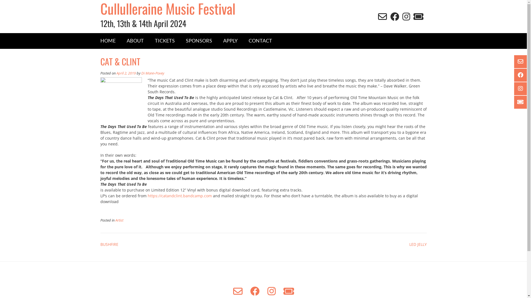  I want to click on 'HOME', so click(108, 41).